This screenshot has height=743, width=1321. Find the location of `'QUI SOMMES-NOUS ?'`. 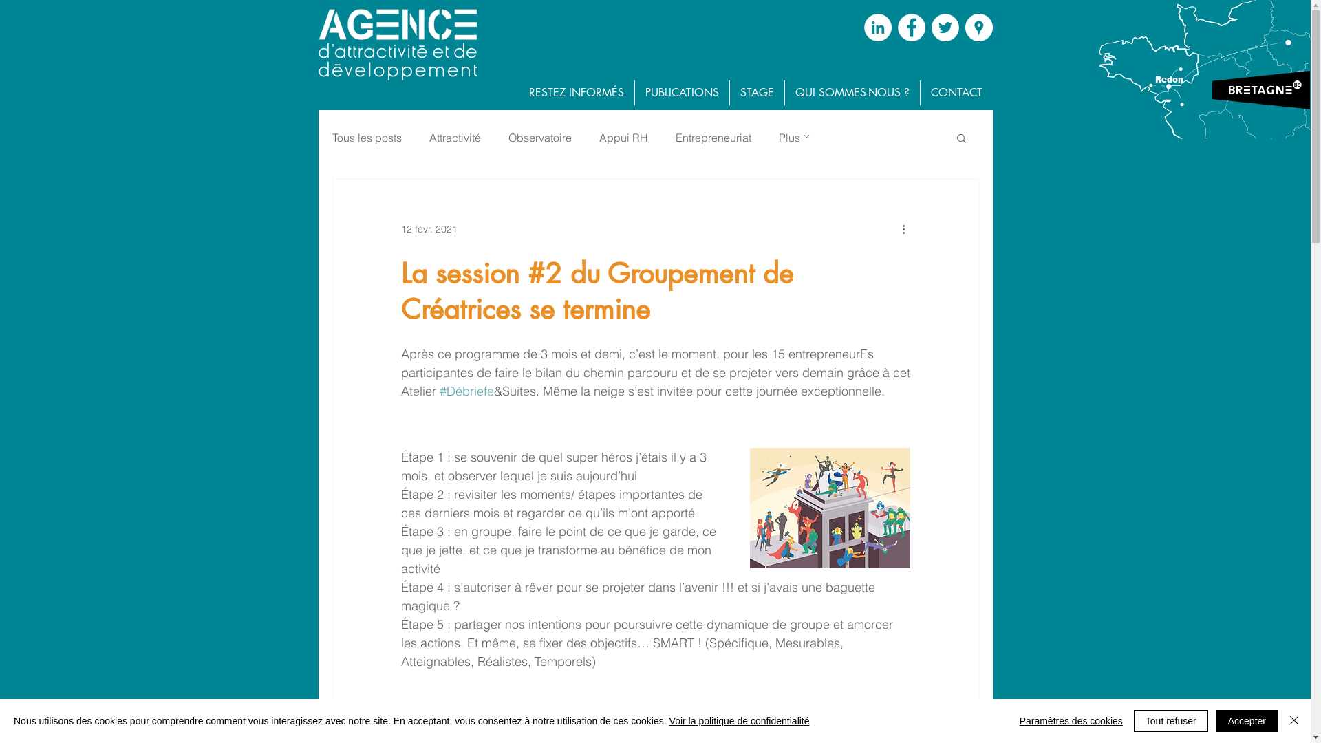

'QUI SOMMES-NOUS ?' is located at coordinates (851, 93).